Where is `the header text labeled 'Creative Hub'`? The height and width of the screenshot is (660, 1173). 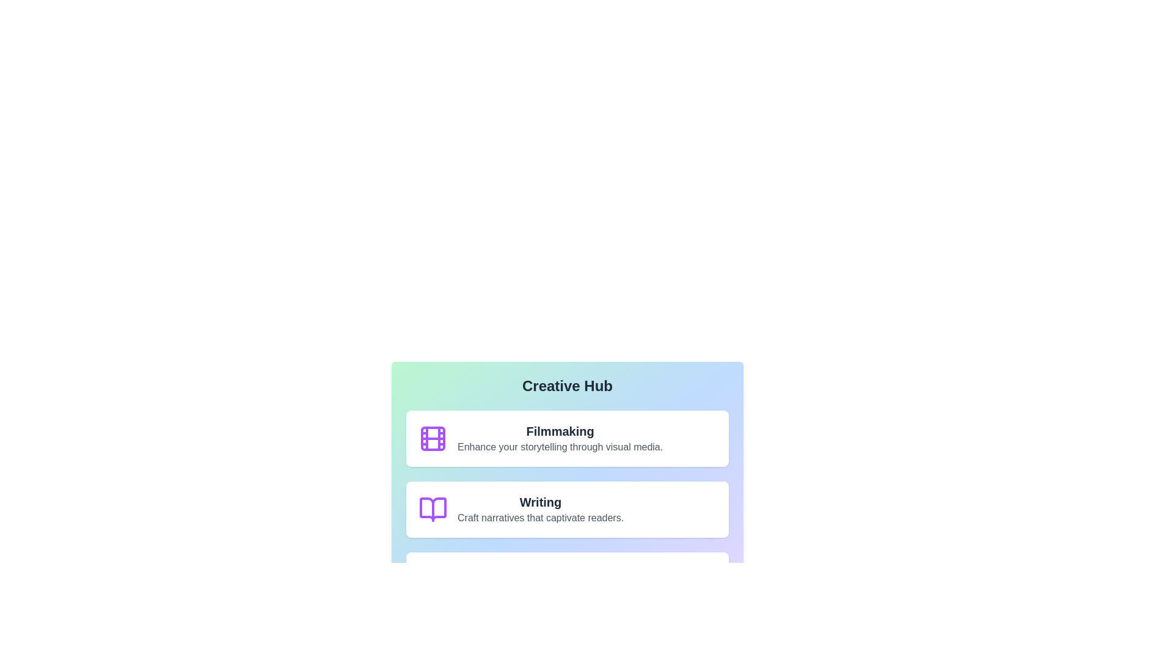 the header text labeled 'Creative Hub' is located at coordinates (567, 386).